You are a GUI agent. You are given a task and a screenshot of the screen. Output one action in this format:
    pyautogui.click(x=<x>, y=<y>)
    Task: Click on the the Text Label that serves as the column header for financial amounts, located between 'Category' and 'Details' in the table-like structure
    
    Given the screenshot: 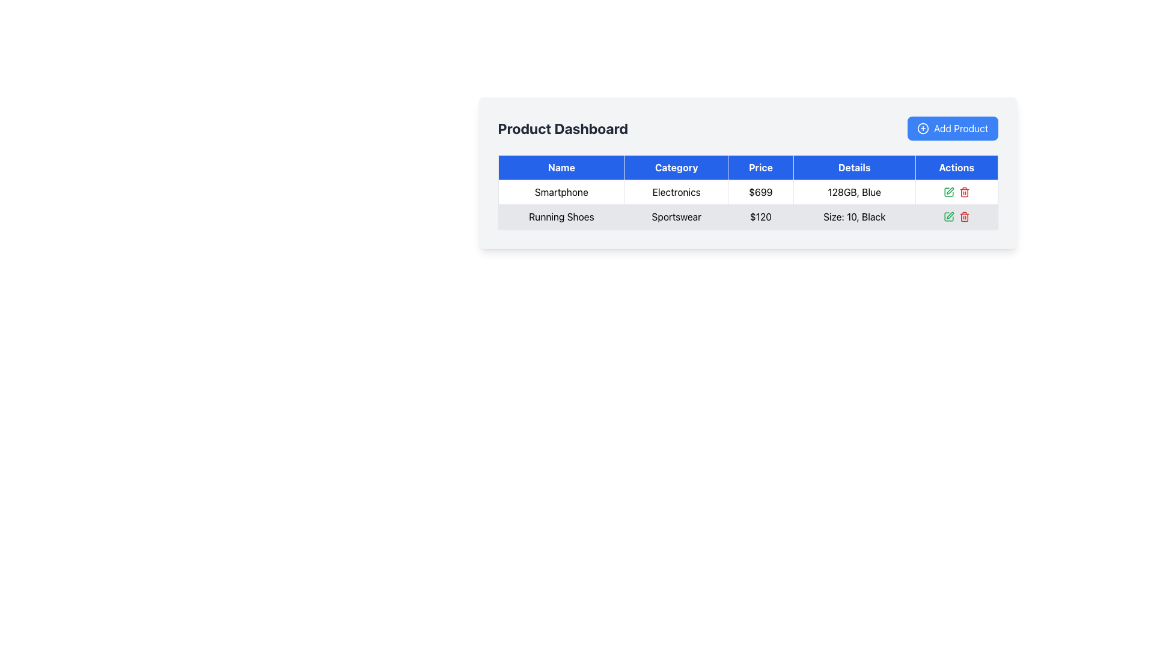 What is the action you would take?
    pyautogui.click(x=760, y=167)
    